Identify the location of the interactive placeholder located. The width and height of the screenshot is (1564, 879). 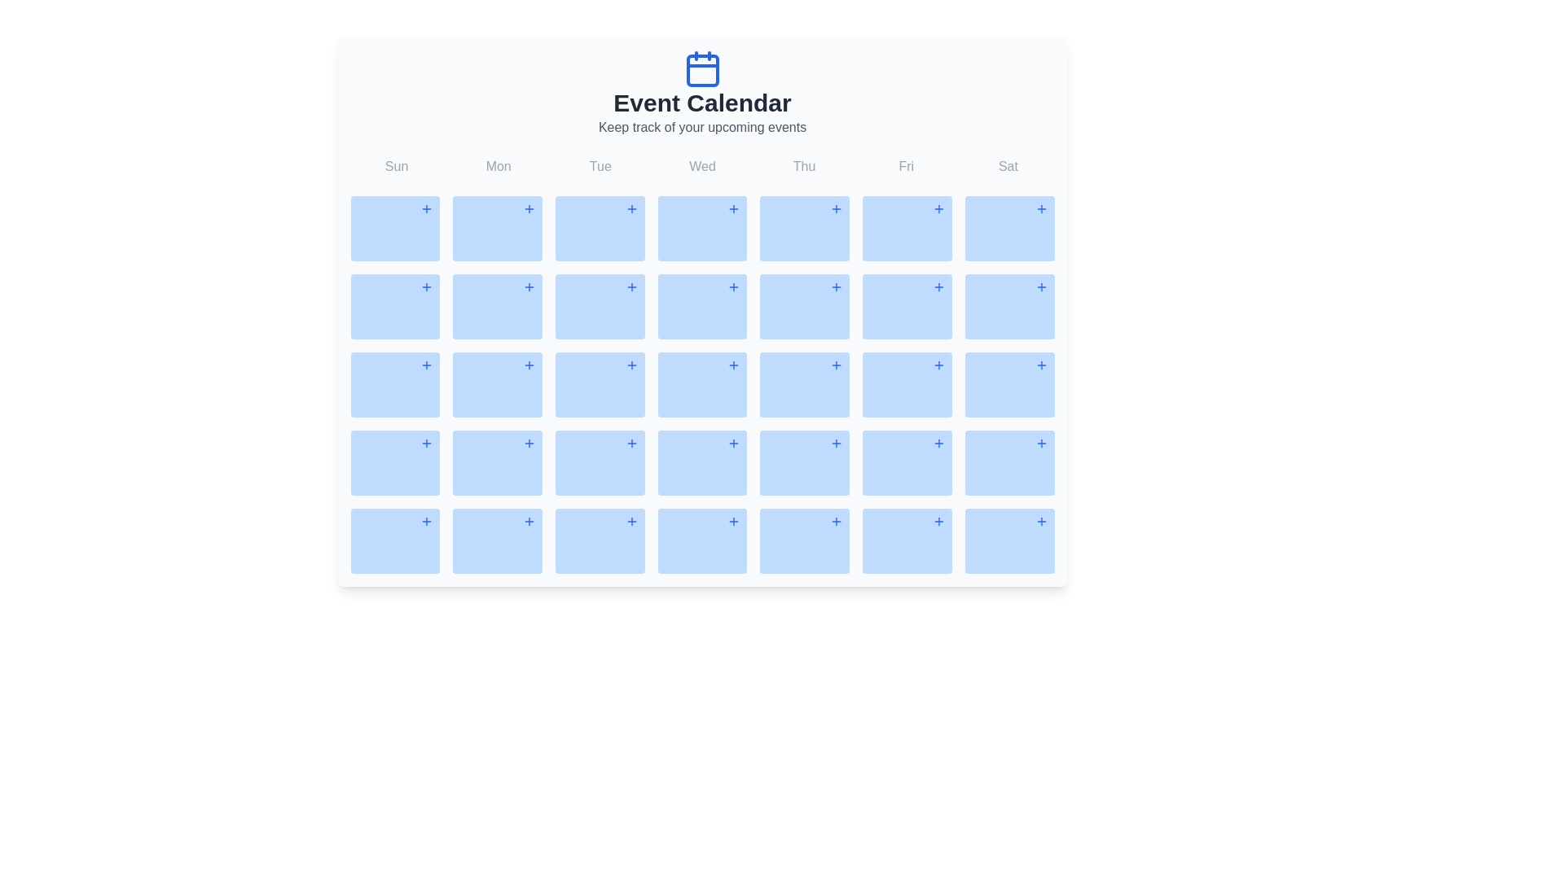
(1008, 540).